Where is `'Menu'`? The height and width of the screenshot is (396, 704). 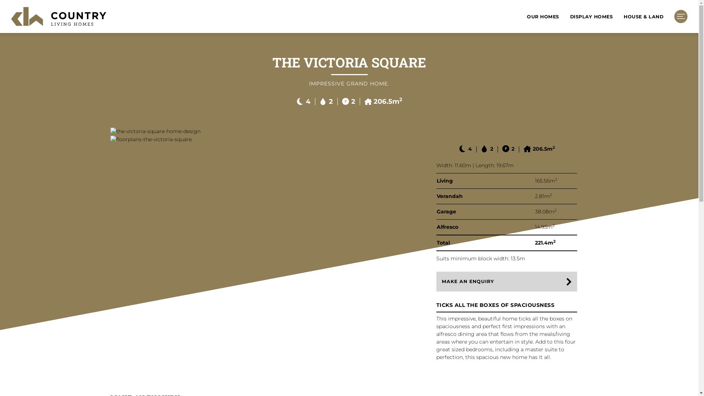 'Menu' is located at coordinates (681, 16).